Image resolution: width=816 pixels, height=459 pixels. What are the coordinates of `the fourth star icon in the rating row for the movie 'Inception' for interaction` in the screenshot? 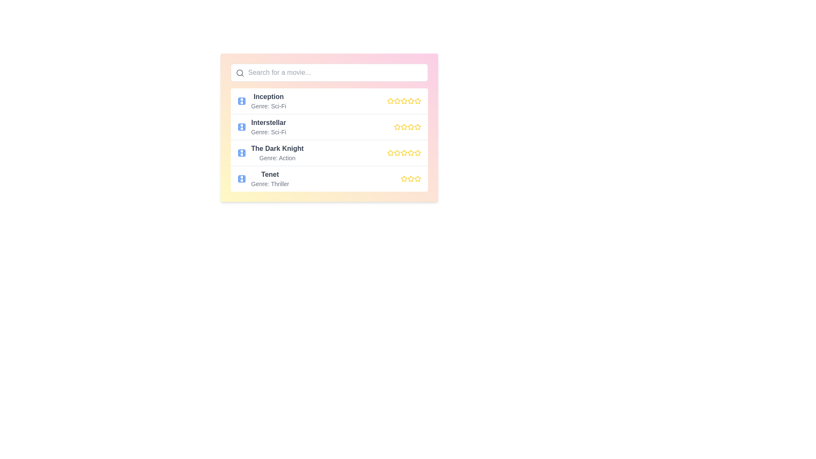 It's located at (403, 101).